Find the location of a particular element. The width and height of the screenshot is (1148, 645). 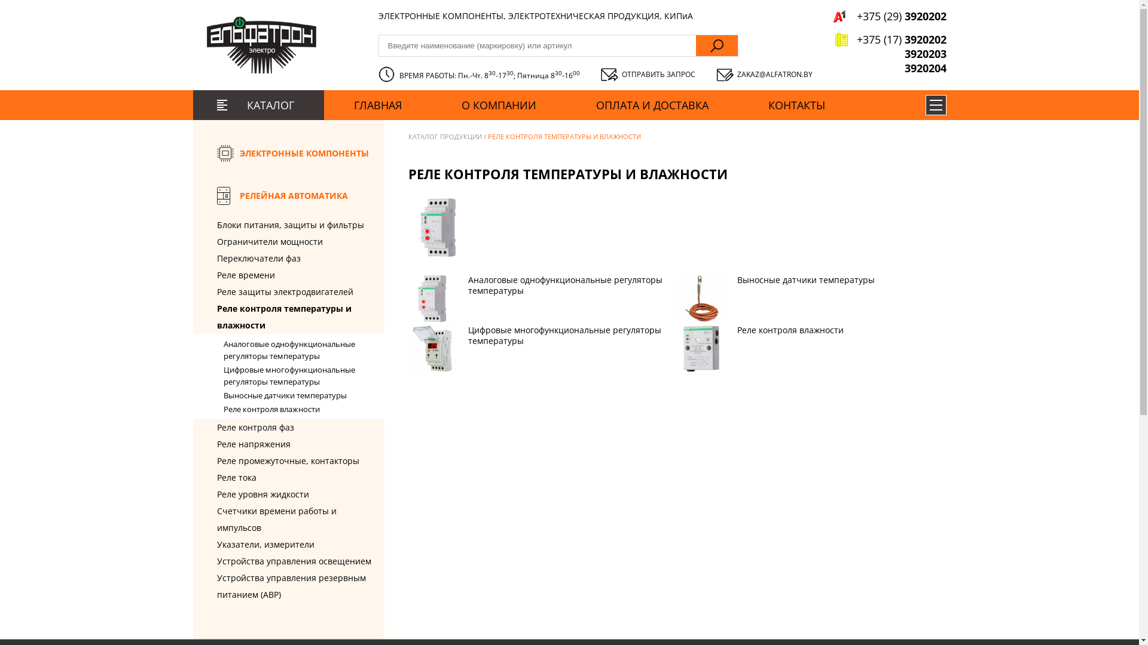

'3920204' is located at coordinates (889, 68).